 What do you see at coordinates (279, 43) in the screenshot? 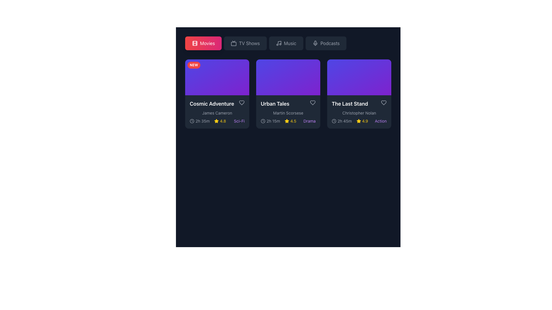
I see `the 'Music' icon in the navigation bar, which is located to the left of the 'Music' text and right of the 'TV Shows' button` at bounding box center [279, 43].